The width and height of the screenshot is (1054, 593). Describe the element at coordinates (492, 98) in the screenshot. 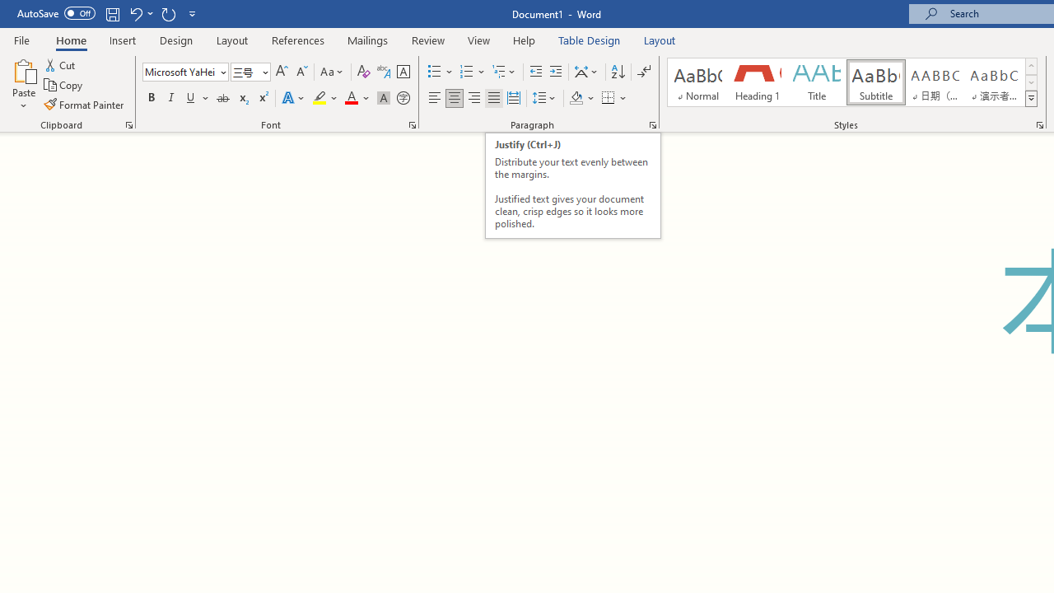

I see `'Justify'` at that location.